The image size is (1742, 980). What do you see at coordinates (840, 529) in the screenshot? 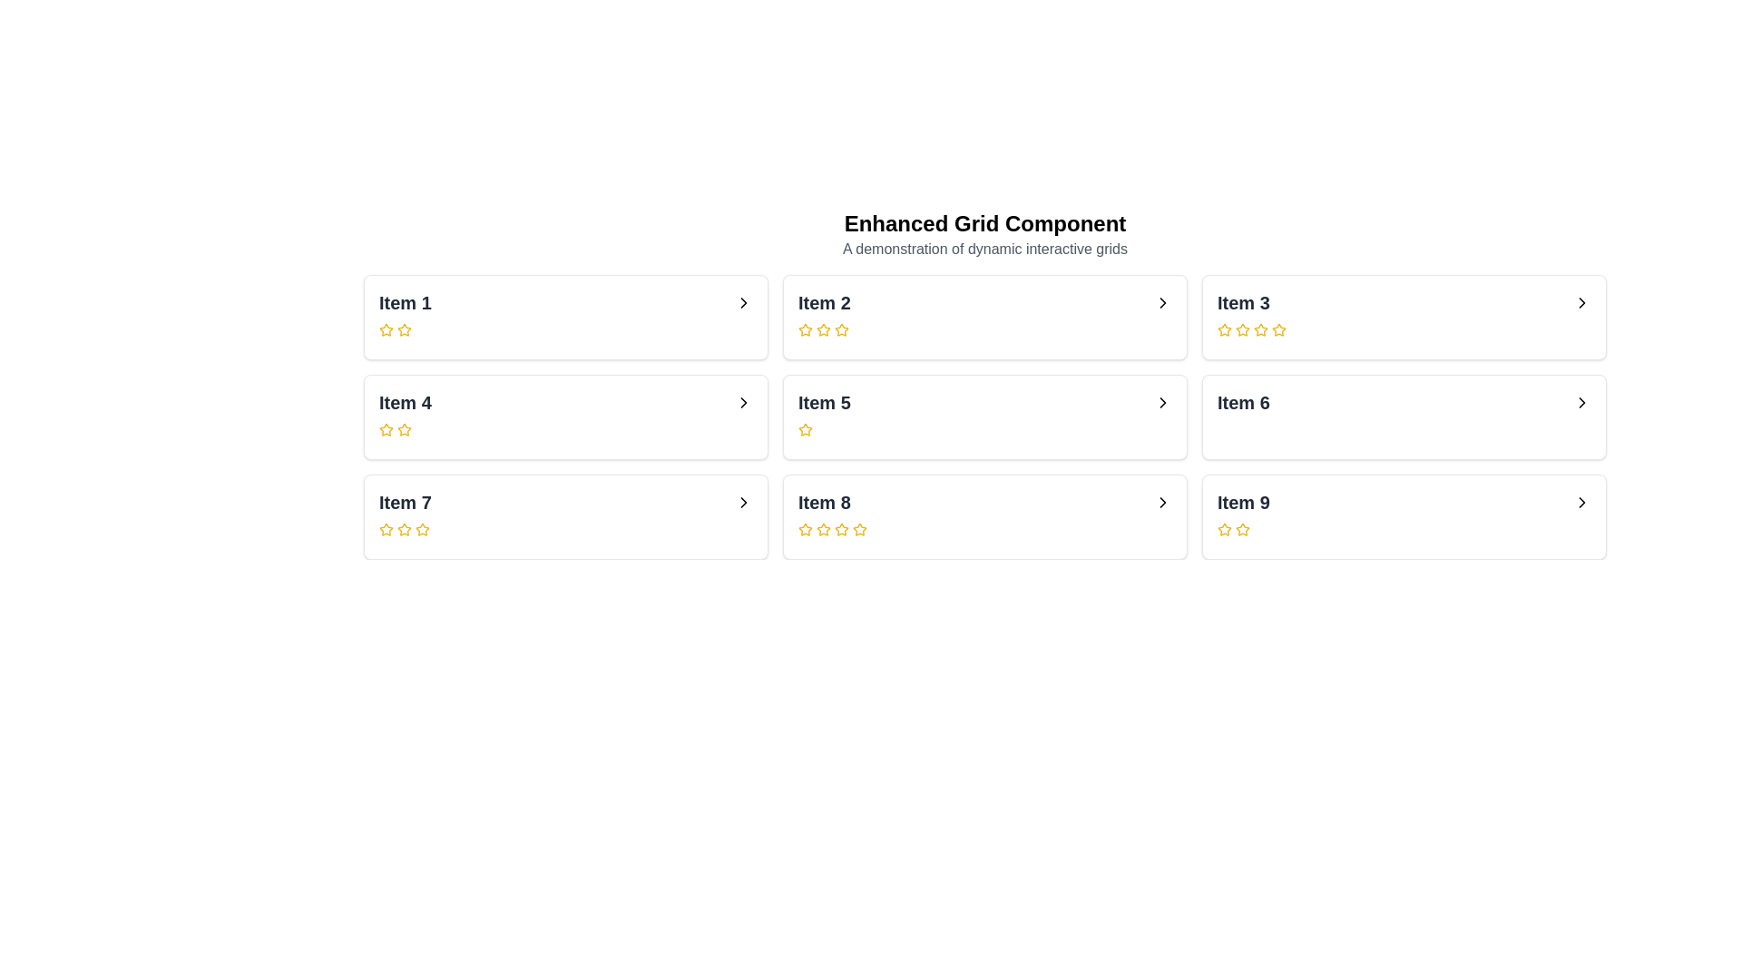
I see `the fourth star in the rating system below the 'Item 8' label to rate it` at bounding box center [840, 529].